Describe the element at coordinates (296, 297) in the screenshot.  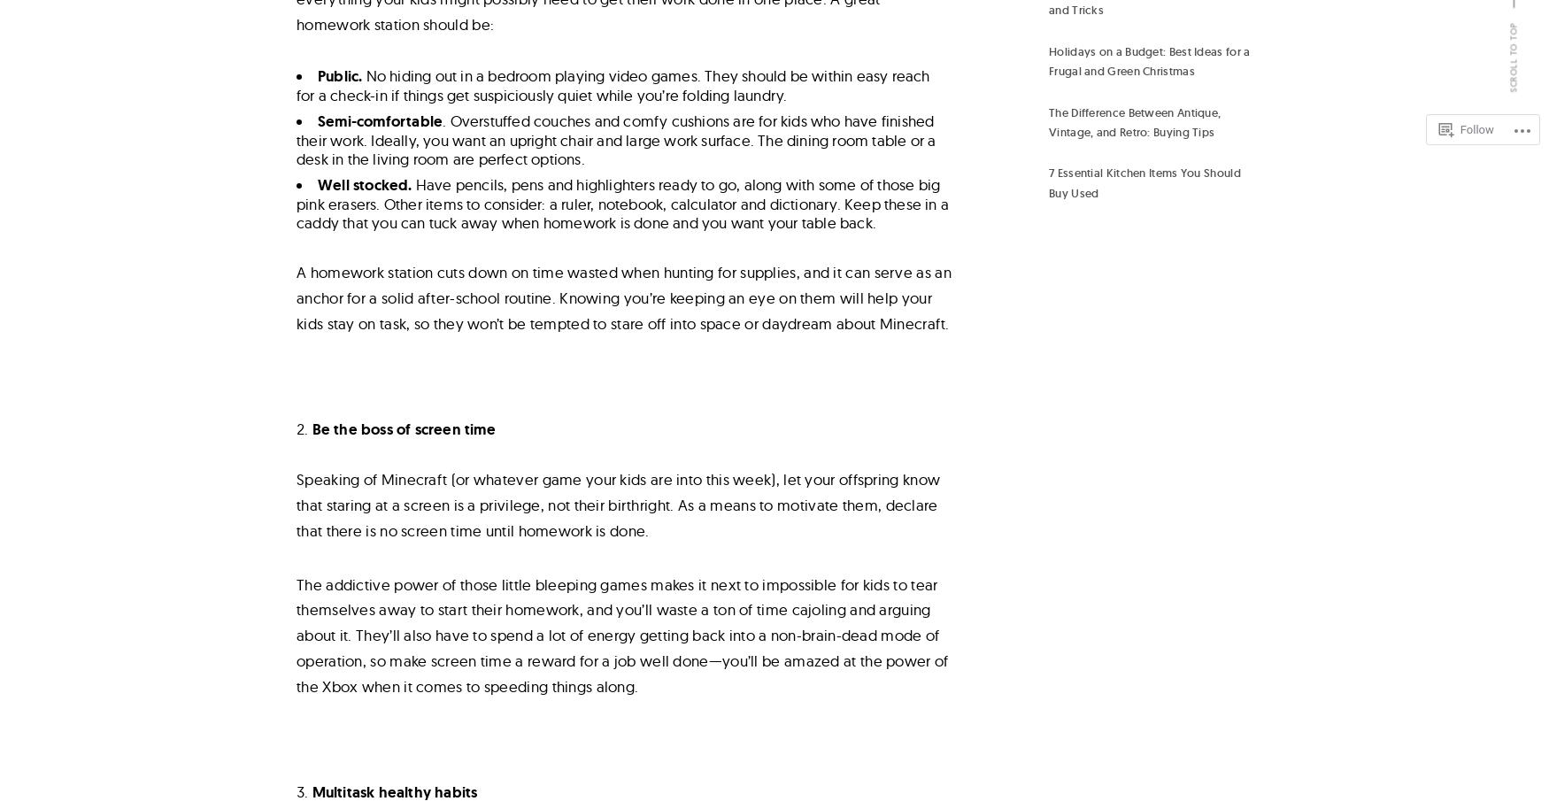
I see `'A homework station cuts down on time wasted when hunting for supplies, and it can serve as an anchor for a solid after-school routine. Knowing you’re keeping an eye on them will help your kids stay on task, so they won’t be tempted to stare off into space or daydream about Minecraft.'` at that location.